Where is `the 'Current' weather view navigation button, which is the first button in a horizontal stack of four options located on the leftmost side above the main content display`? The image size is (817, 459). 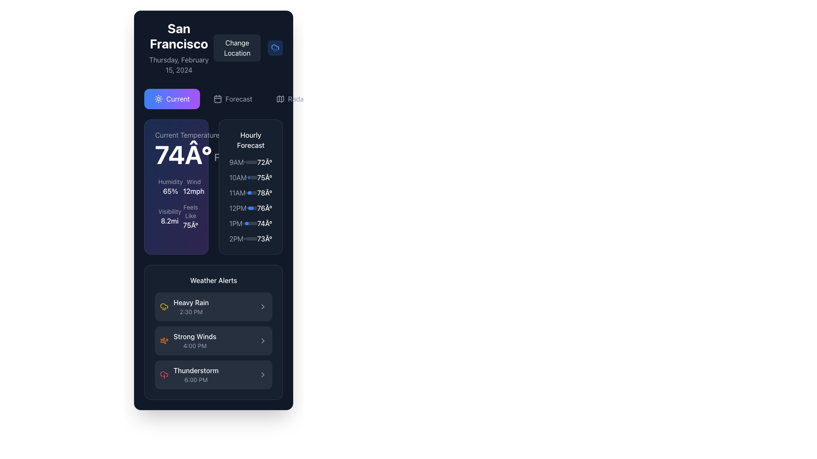 the 'Current' weather view navigation button, which is the first button in a horizontal stack of four options located on the leftmost side above the main content display is located at coordinates (171, 98).